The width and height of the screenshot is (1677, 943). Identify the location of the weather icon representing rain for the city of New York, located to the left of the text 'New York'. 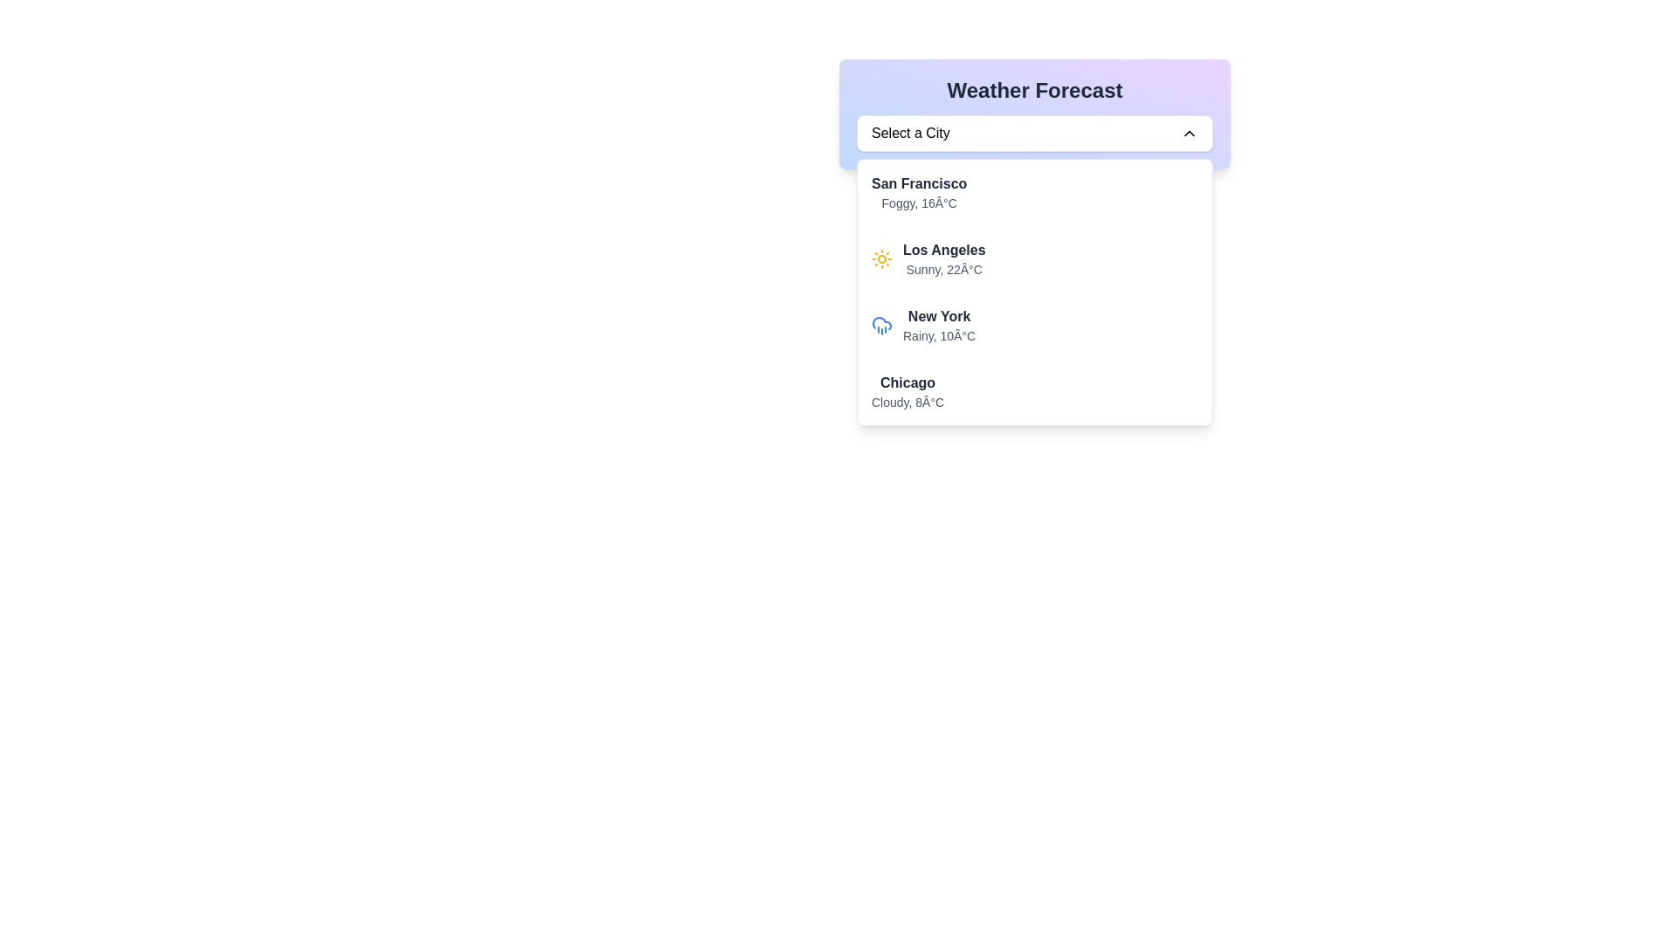
(881, 323).